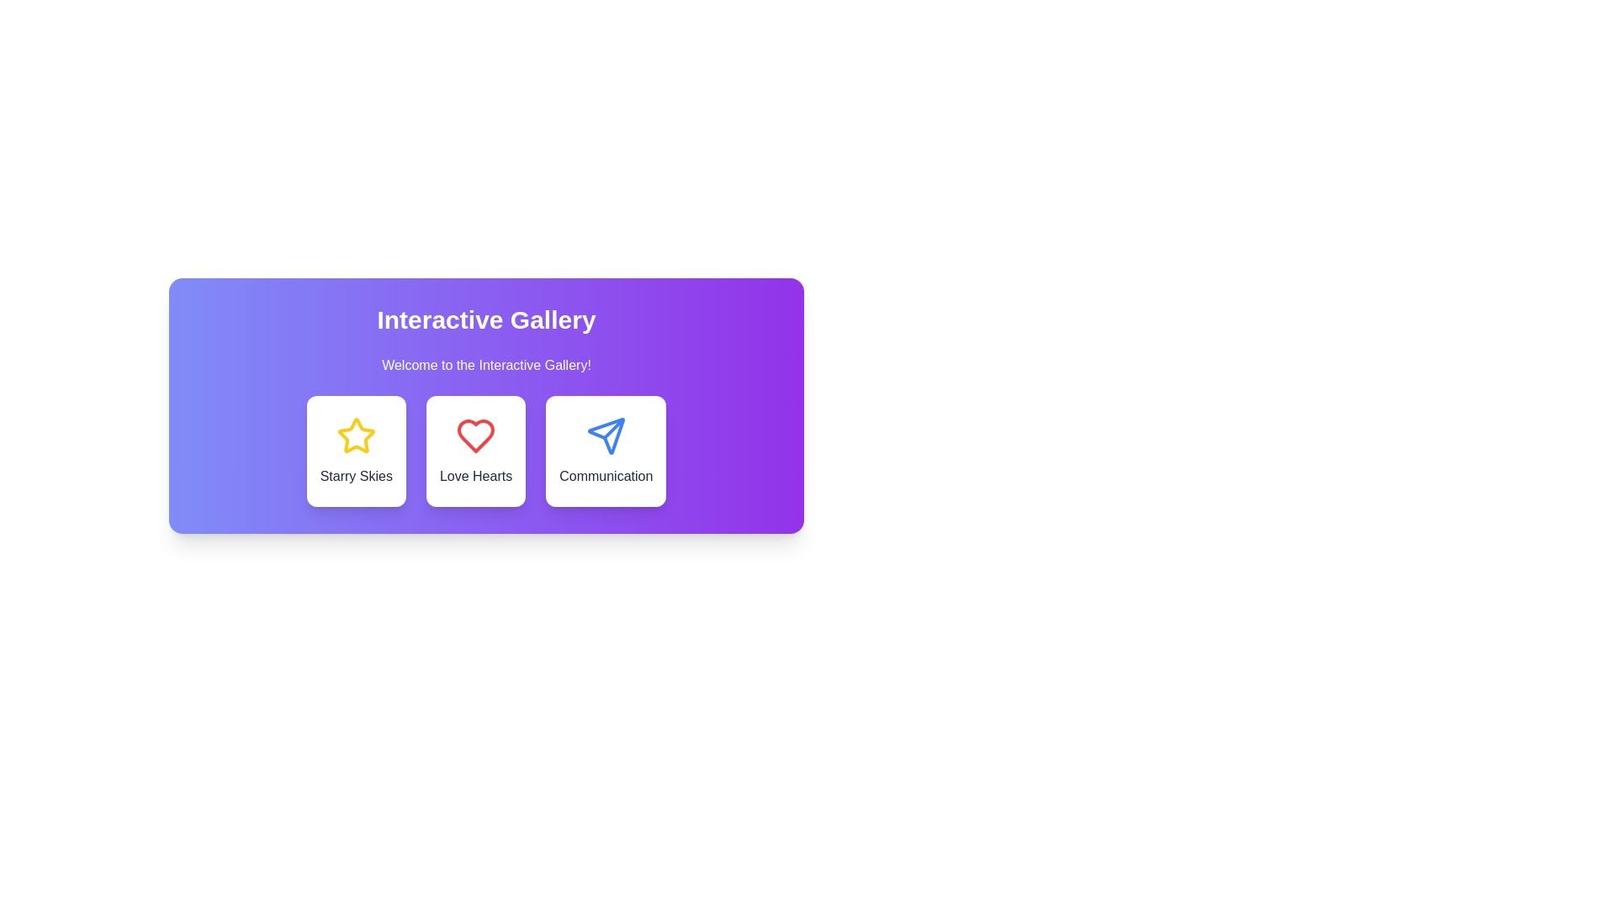 The height and width of the screenshot is (908, 1615). Describe the element at coordinates (485, 320) in the screenshot. I see `the header labeled 'Interactive Gallery' which is a non-interactive identifier for the card area, located at the top center of the gradient purple card` at that location.